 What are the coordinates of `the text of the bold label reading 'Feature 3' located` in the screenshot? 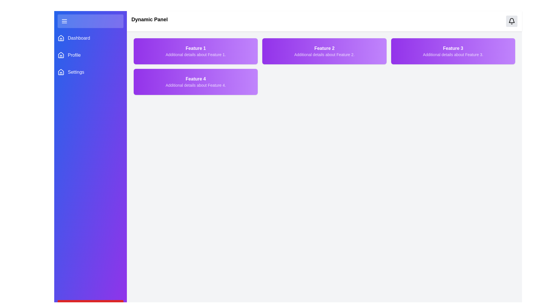 It's located at (453, 48).